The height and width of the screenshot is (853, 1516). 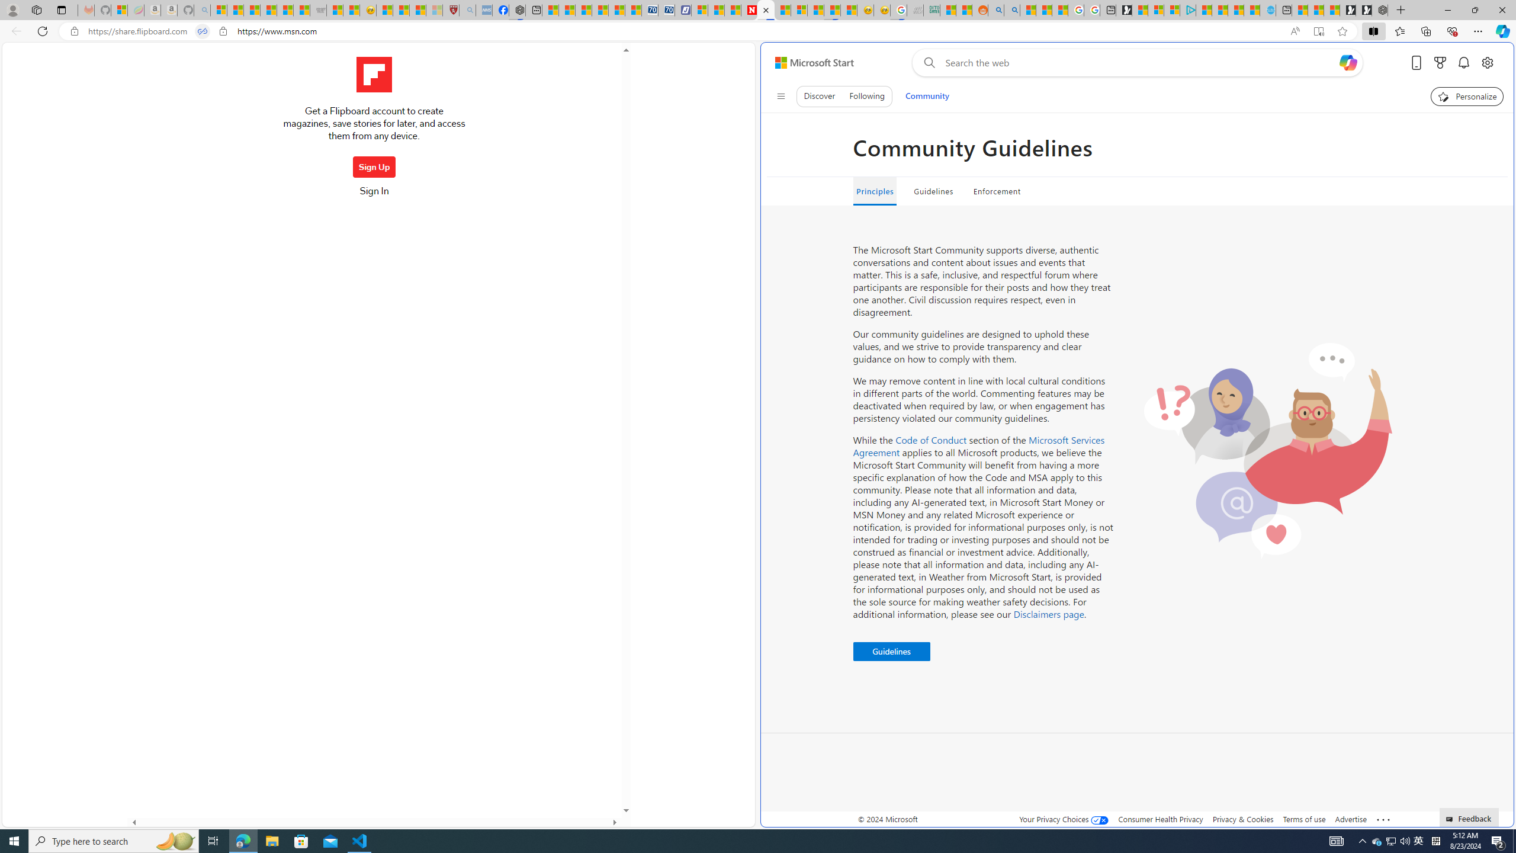 What do you see at coordinates (1267, 9) in the screenshot?
I see `'Home | Sky Blue Bikes - Sky Blue Bikes'` at bounding box center [1267, 9].